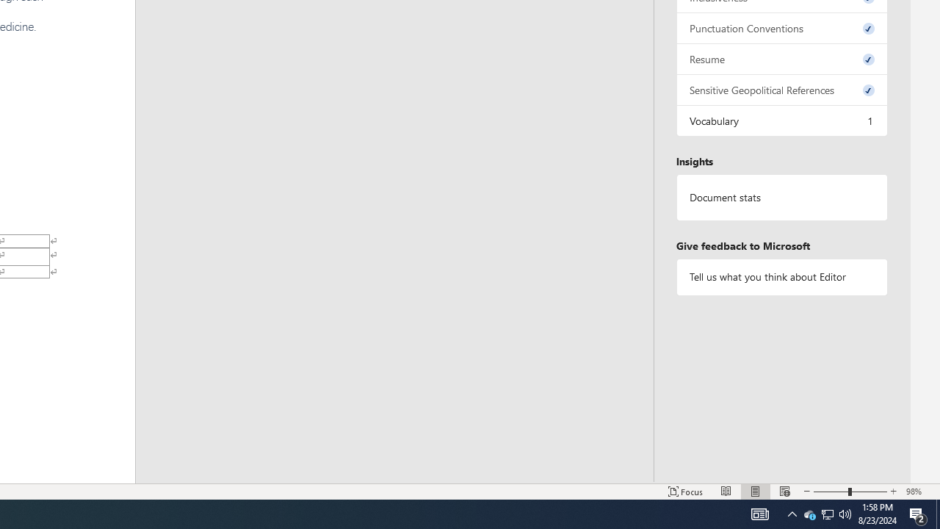 The image size is (940, 529). What do you see at coordinates (893, 492) in the screenshot?
I see `'Zoom In'` at bounding box center [893, 492].